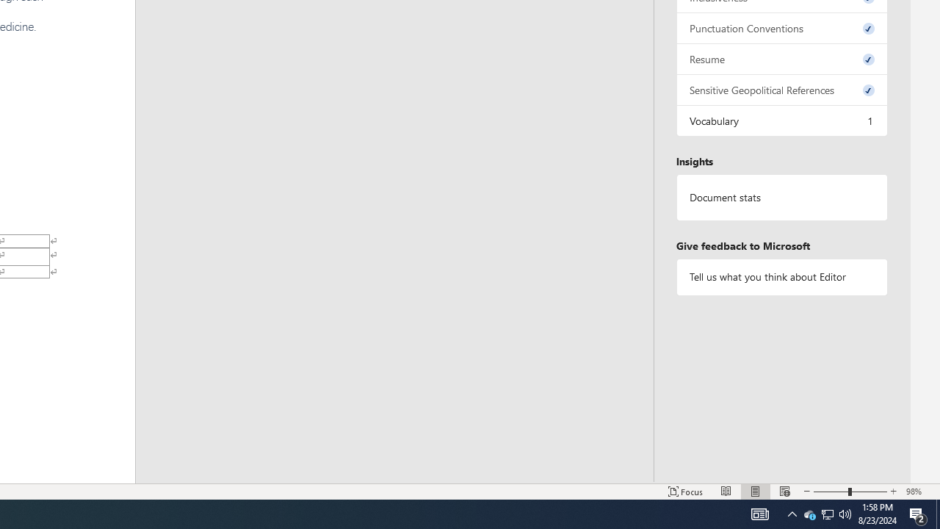 The image size is (940, 529). What do you see at coordinates (893, 492) in the screenshot?
I see `'Zoom In'` at bounding box center [893, 492].